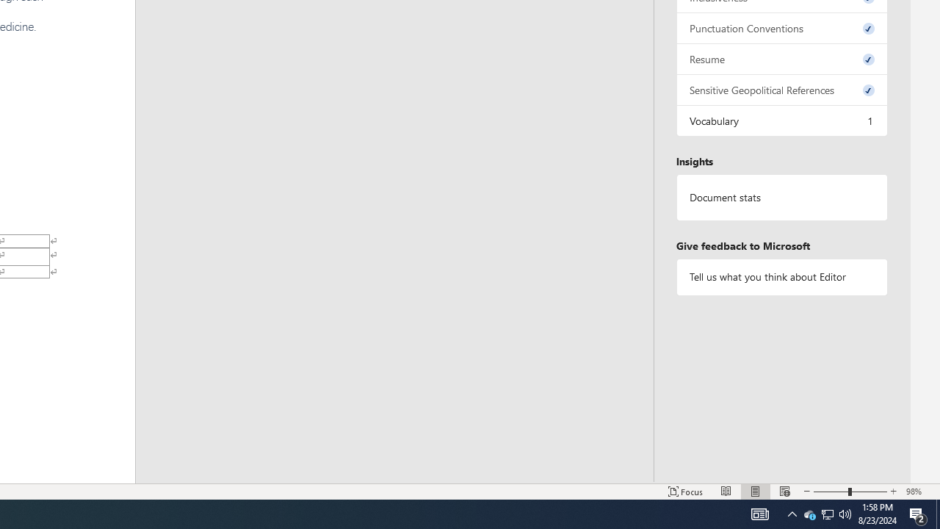 The image size is (940, 529). What do you see at coordinates (893, 492) in the screenshot?
I see `'Zoom In'` at bounding box center [893, 492].